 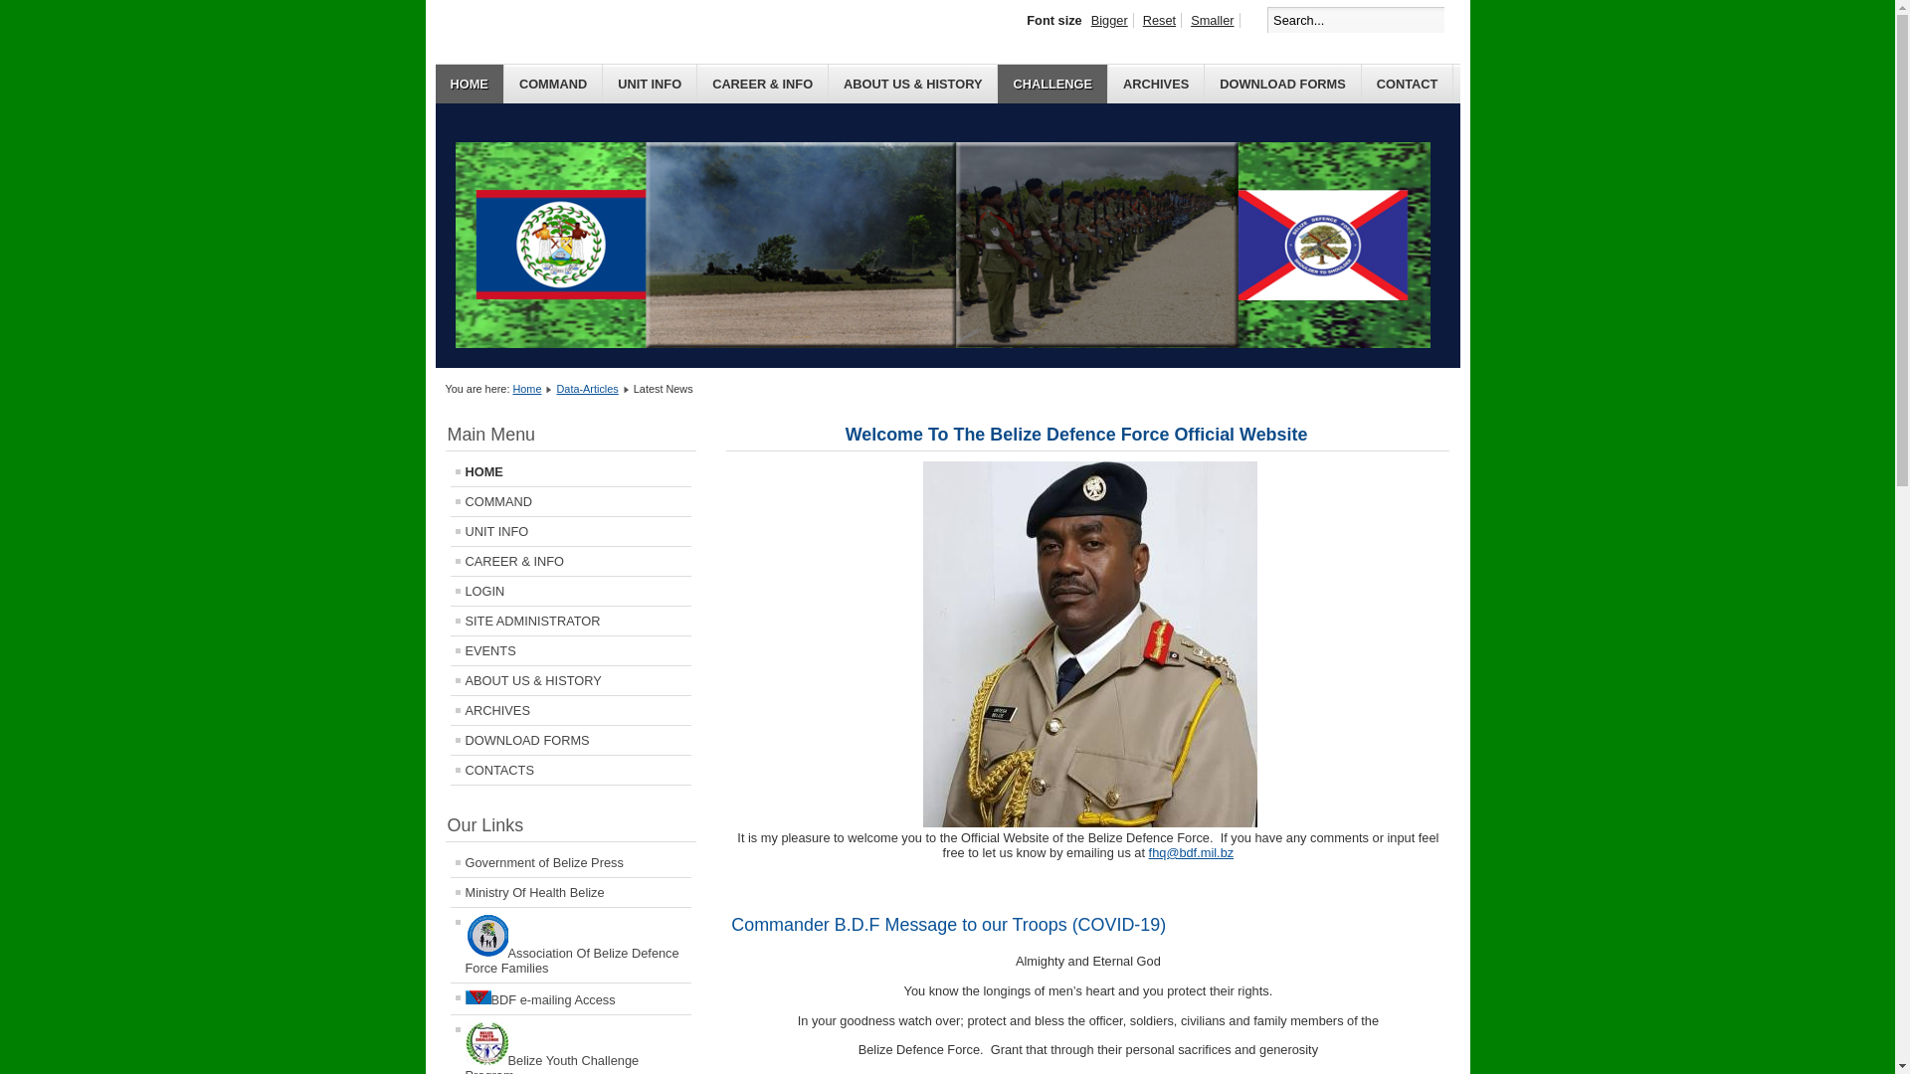 What do you see at coordinates (1109, 20) in the screenshot?
I see `'Bigger'` at bounding box center [1109, 20].